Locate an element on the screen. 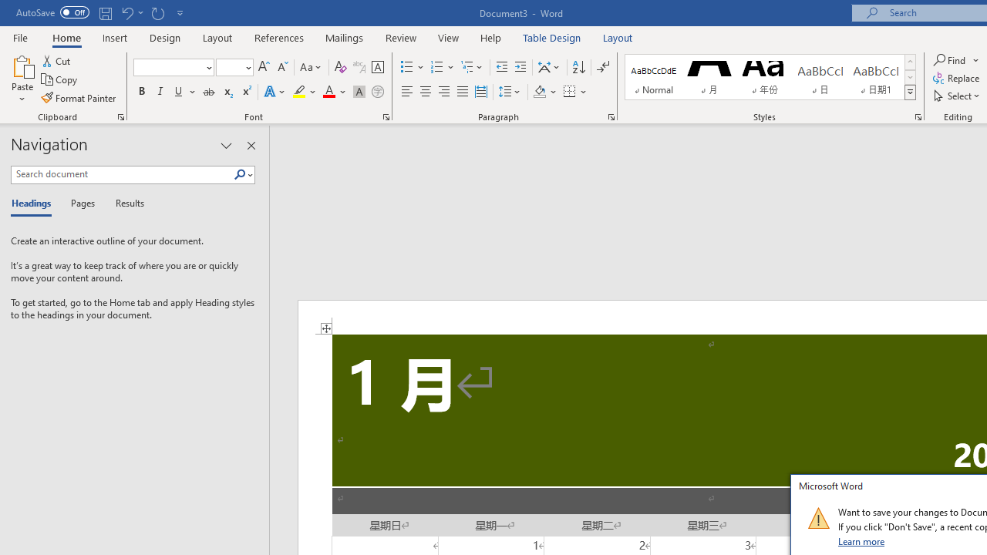 The width and height of the screenshot is (987, 555). 'Sort...' is located at coordinates (578, 66).